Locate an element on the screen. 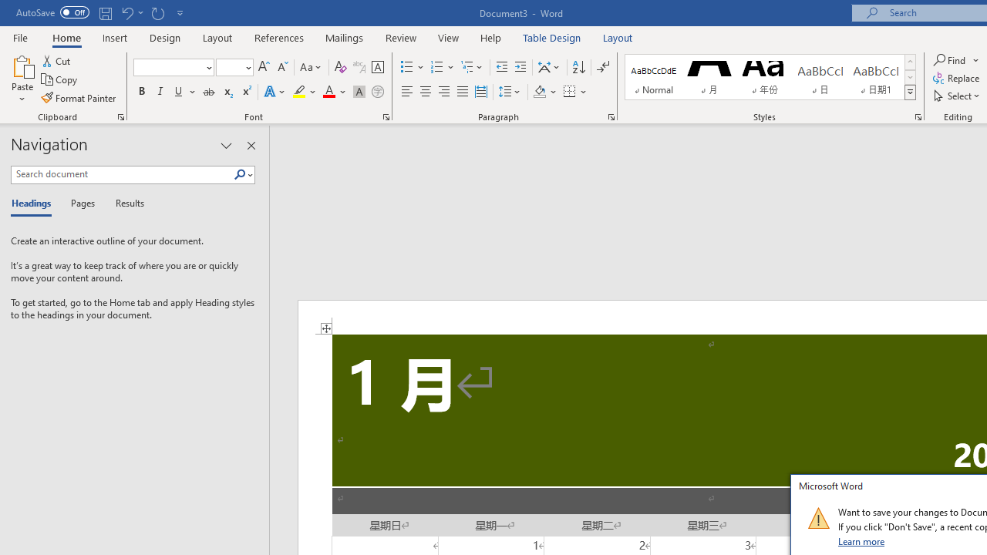 The width and height of the screenshot is (987, 555). 'Sort...' is located at coordinates (578, 66).